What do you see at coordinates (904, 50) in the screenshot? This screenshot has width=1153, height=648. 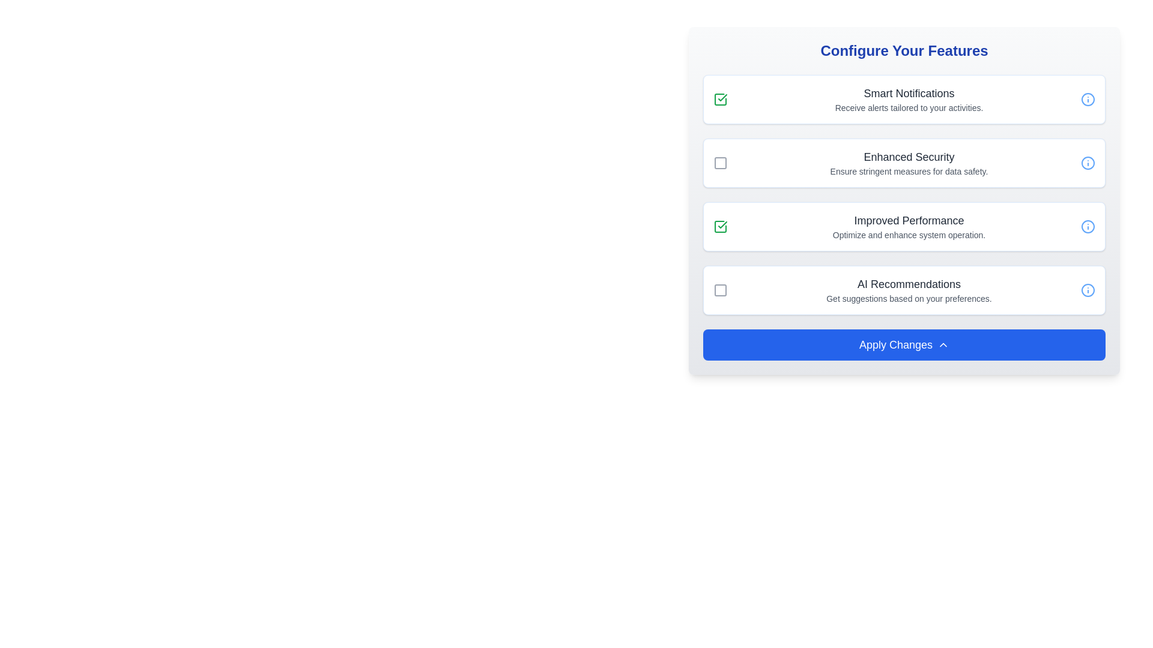 I see `text of the title label positioned at the top of the configuration section, which serves as the heading for the section` at bounding box center [904, 50].